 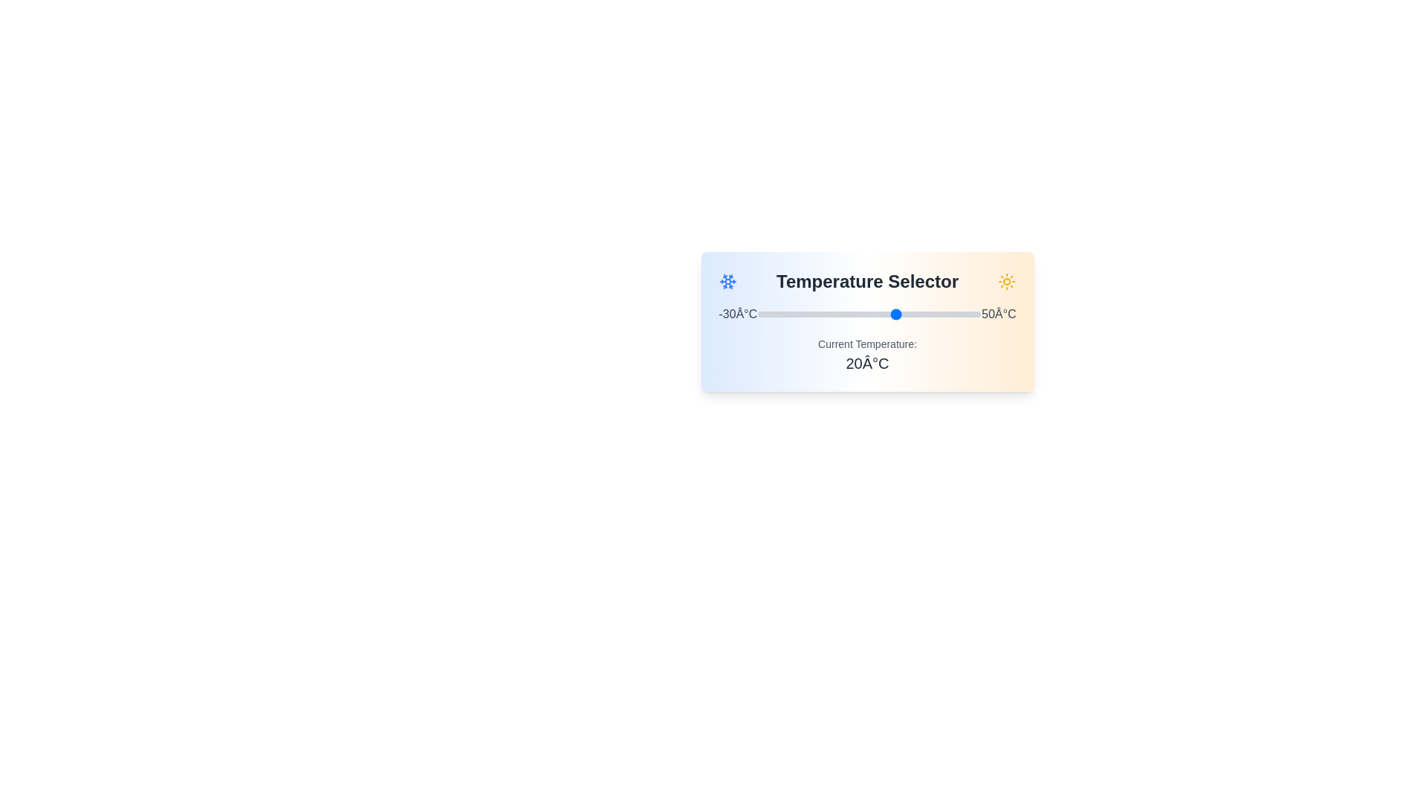 I want to click on the temperature increase icon located in the top-right corner of the 'Temperature Selector' component, next to the '50°C' label, so click(x=1007, y=281).